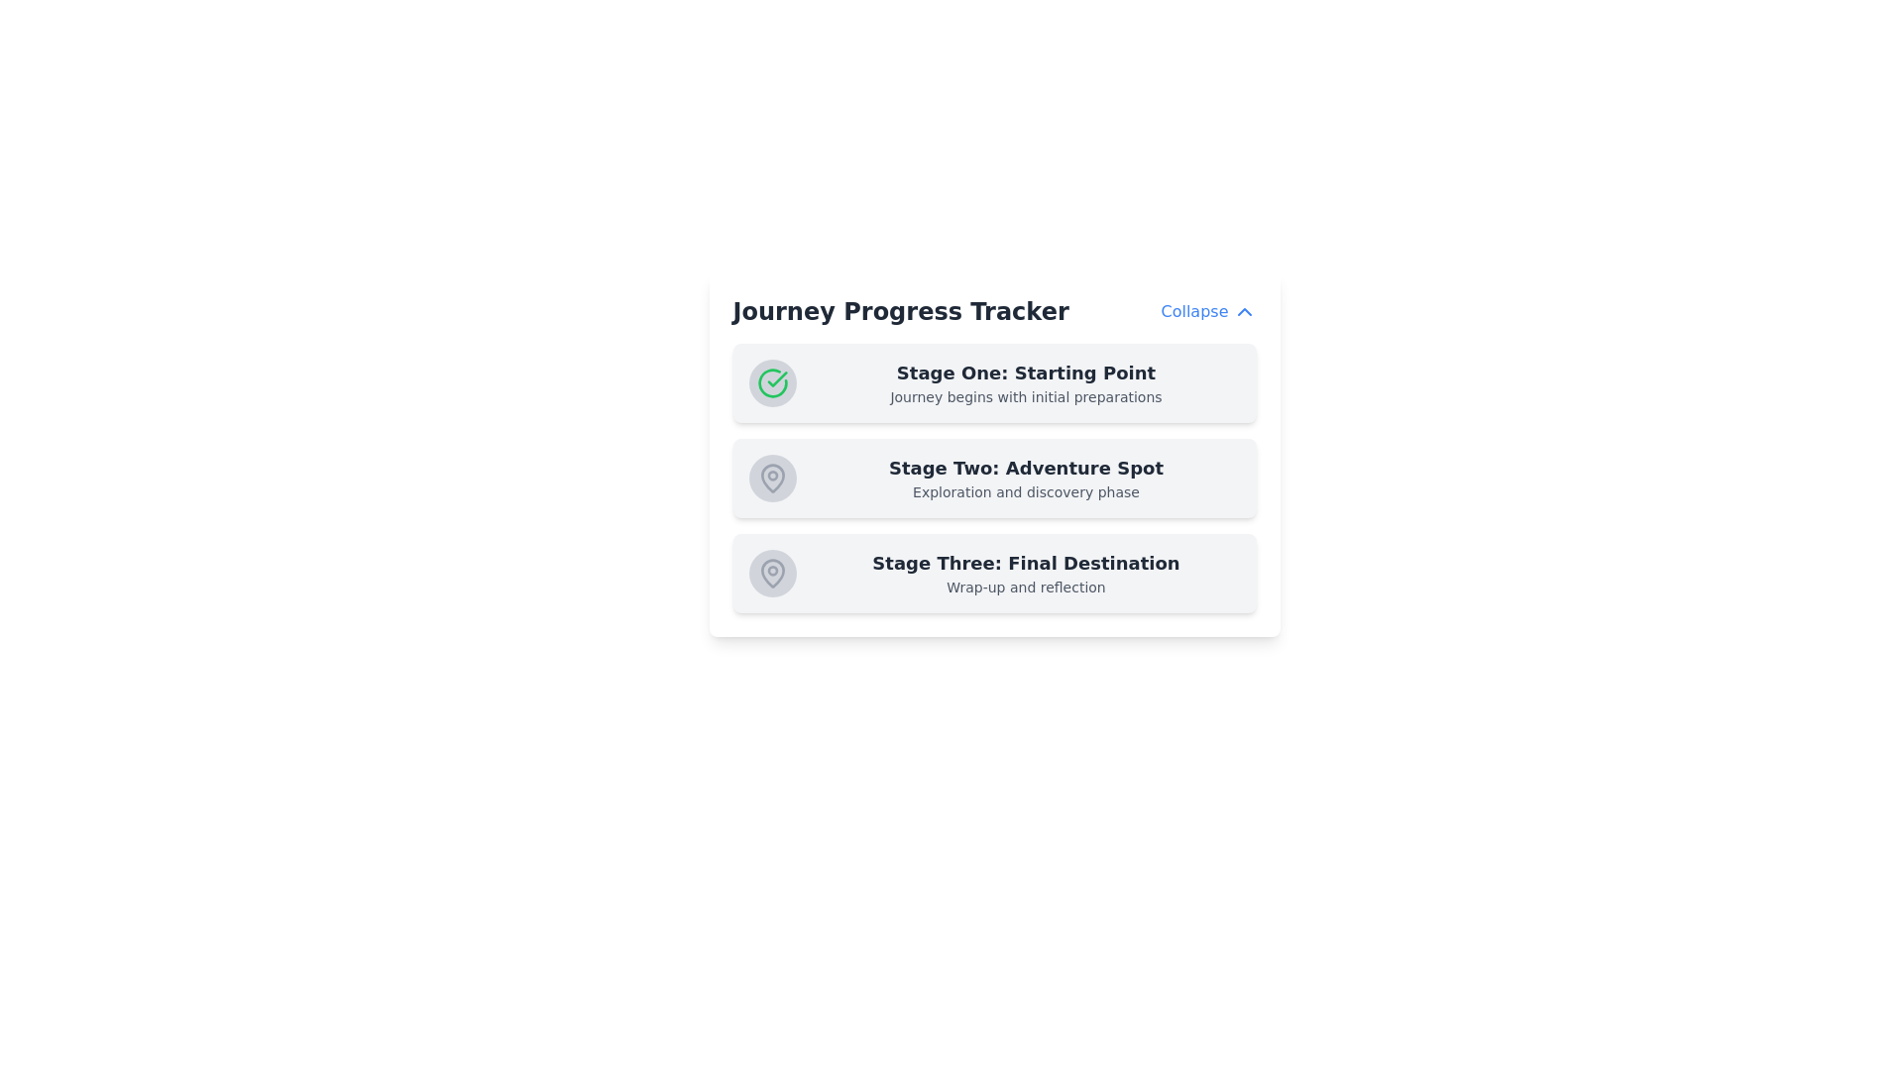 The image size is (1903, 1070). Describe the element at coordinates (1026, 478) in the screenshot. I see `the Text Block labeled 'Stage Two: Adventure Spot'` at that location.